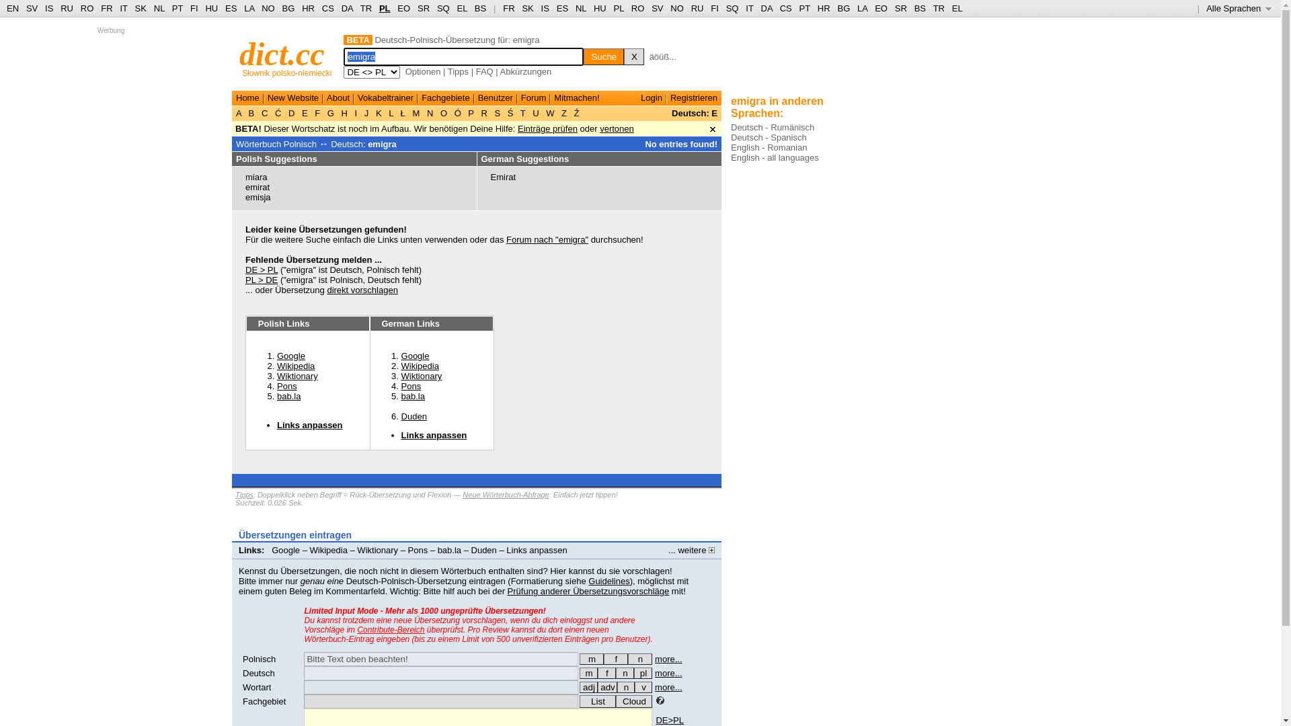 The image size is (1291, 726). Describe the element at coordinates (862, 8) in the screenshot. I see `'LA'` at that location.